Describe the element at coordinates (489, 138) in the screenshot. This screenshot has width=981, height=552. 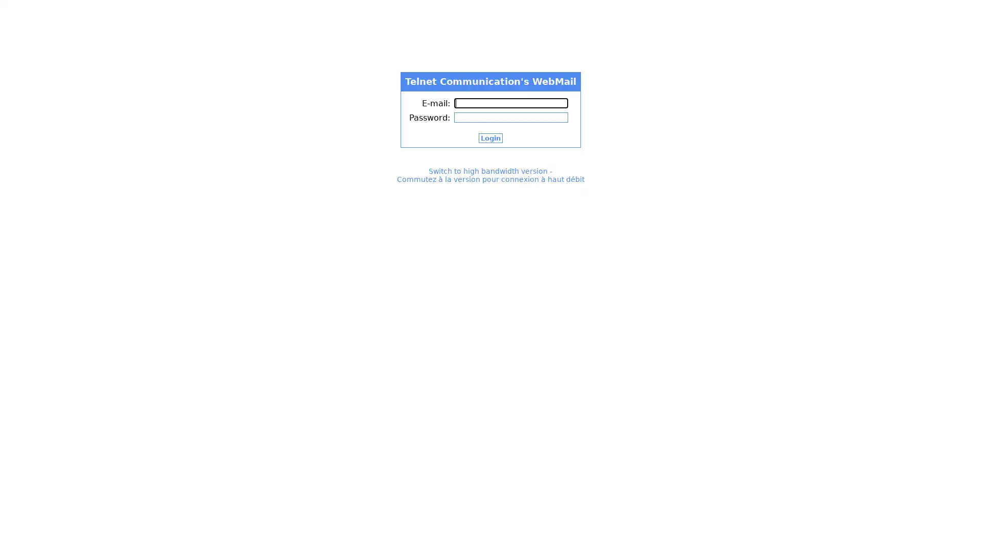
I see `Login` at that location.